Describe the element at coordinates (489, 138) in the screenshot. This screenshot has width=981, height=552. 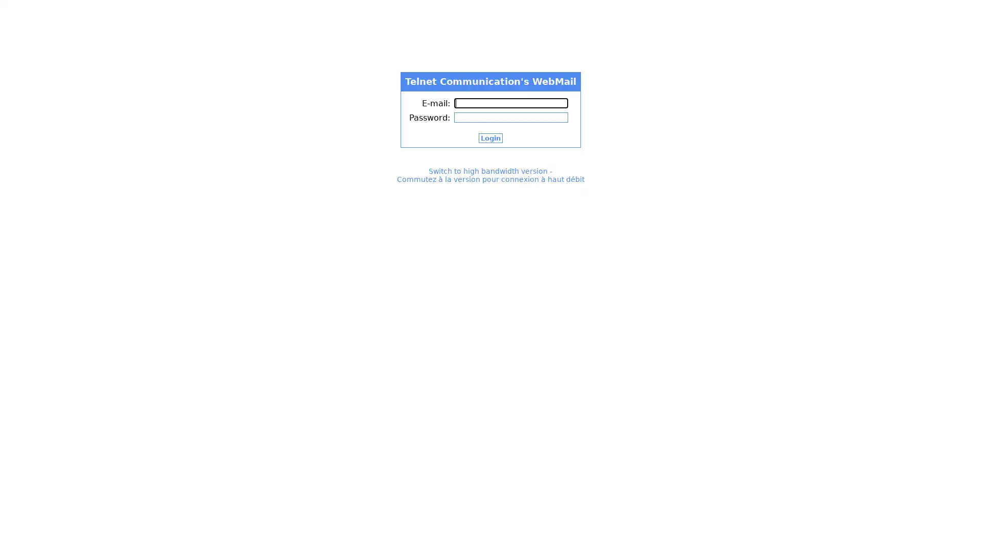
I see `Login` at that location.